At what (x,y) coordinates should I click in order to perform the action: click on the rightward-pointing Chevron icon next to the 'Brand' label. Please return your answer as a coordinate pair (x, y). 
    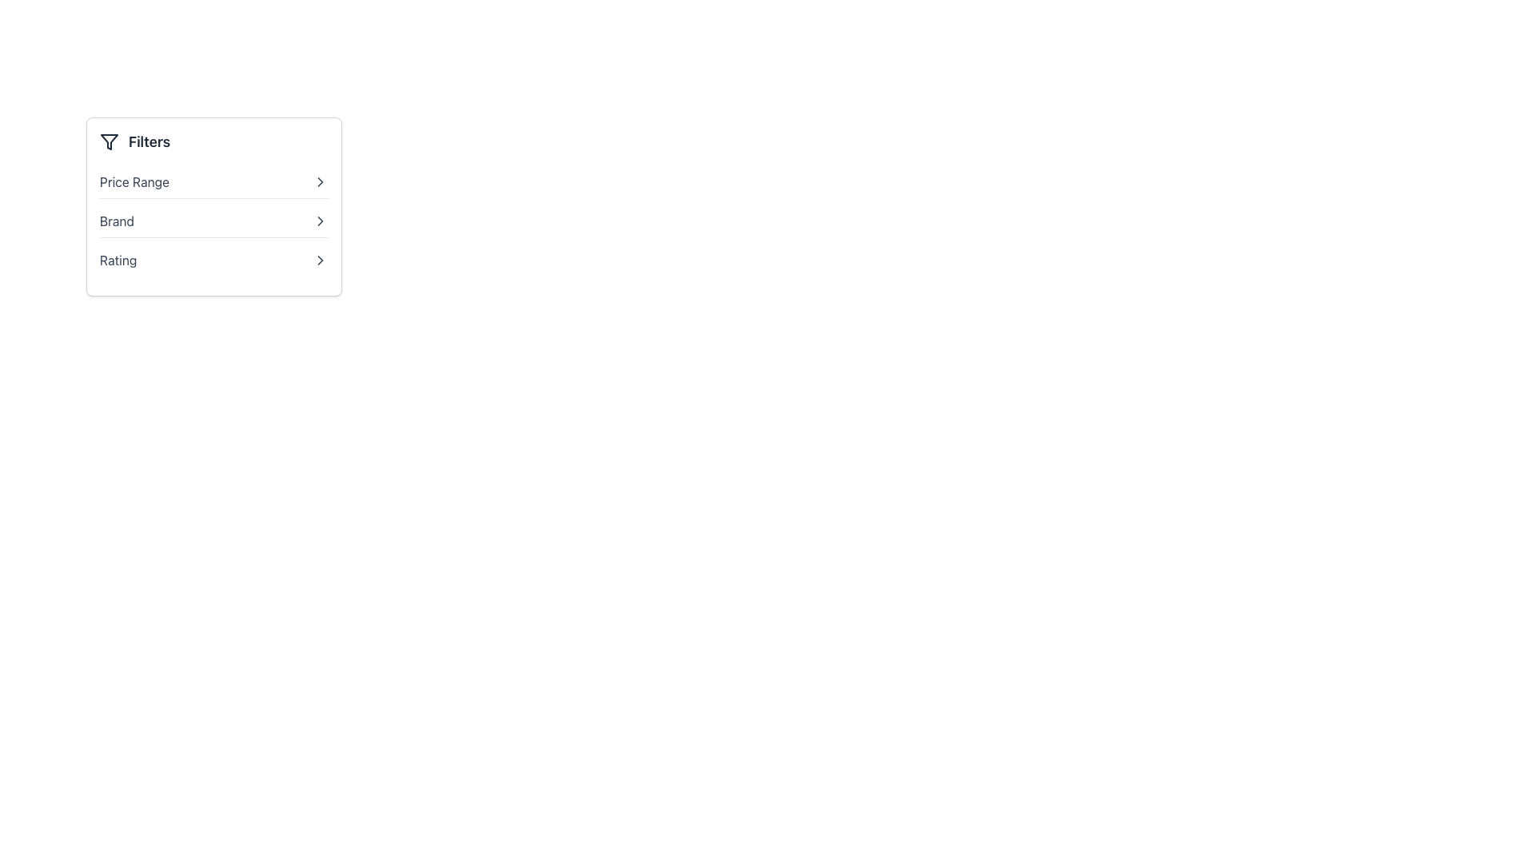
    Looking at the image, I should click on (320, 221).